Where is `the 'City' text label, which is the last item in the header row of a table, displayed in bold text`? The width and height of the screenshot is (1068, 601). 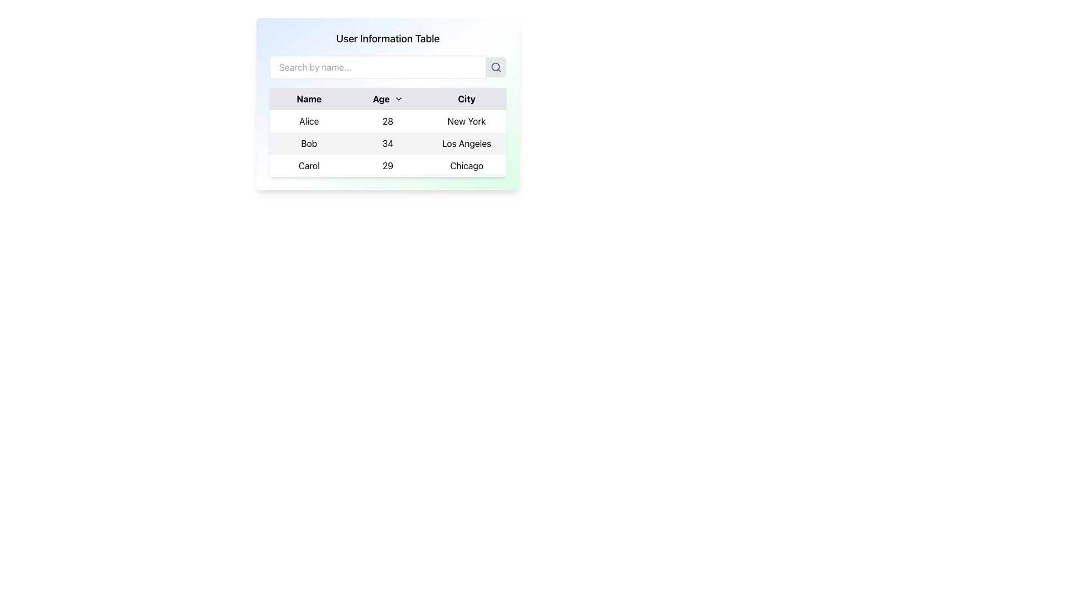 the 'City' text label, which is the last item in the header row of a table, displayed in bold text is located at coordinates (467, 98).